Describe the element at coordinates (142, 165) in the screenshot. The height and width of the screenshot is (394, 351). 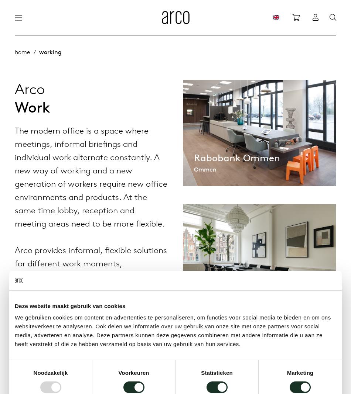
I see `'Flexible workplaces'` at that location.